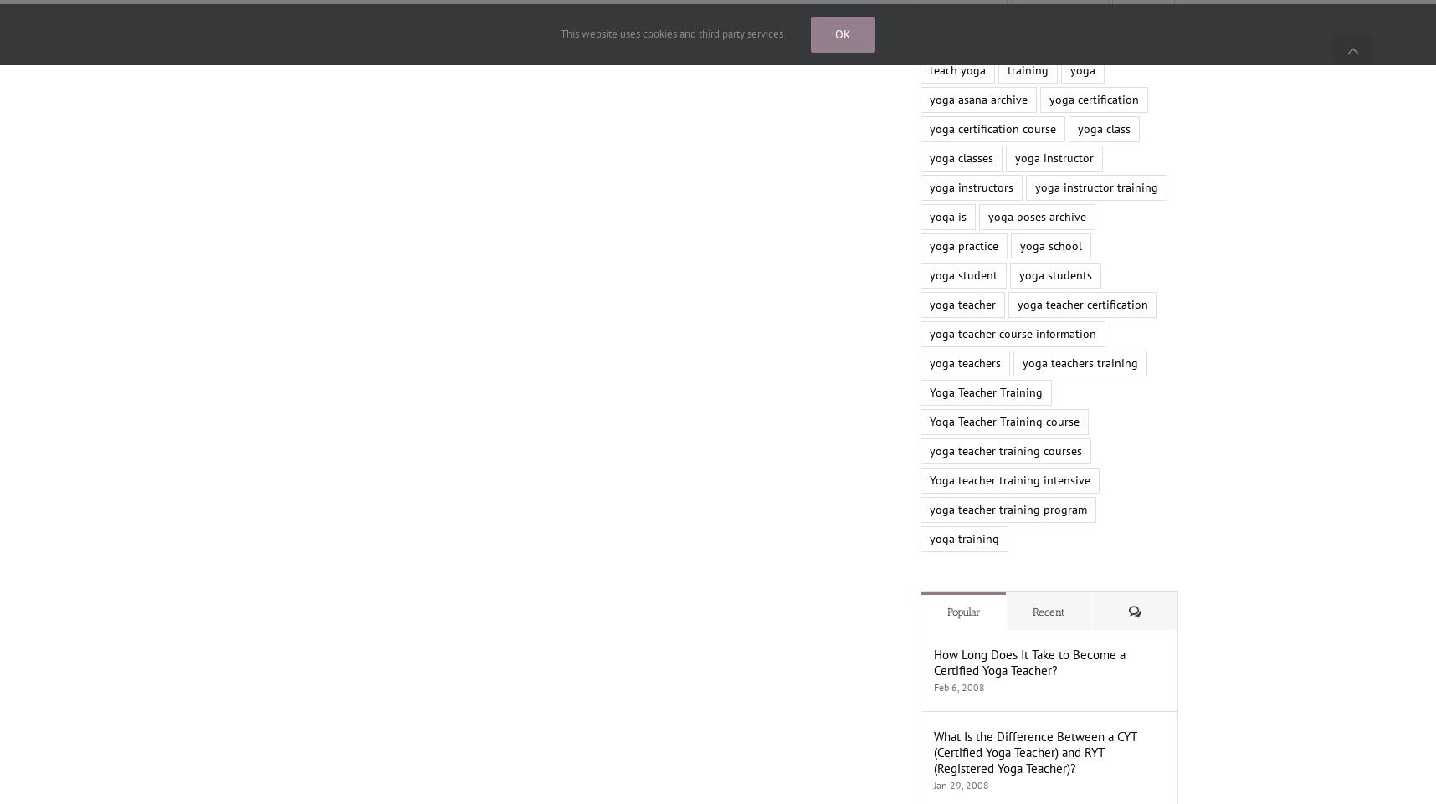 This screenshot has height=804, width=1436. Describe the element at coordinates (1008, 509) in the screenshot. I see `'yoga teacher training program'` at that location.